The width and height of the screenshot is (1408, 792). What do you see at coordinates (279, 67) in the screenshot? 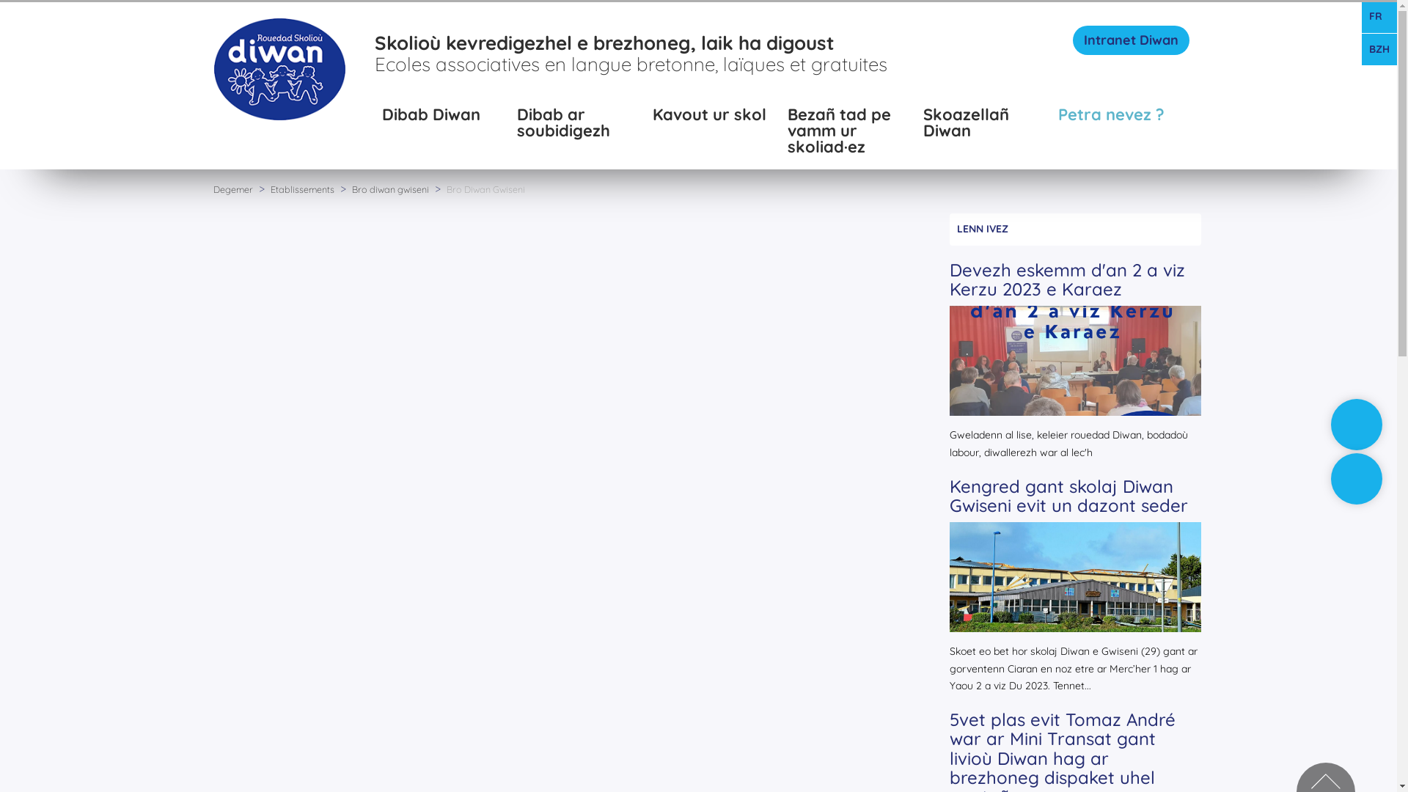
I see `'Retour page d'accueil'` at bounding box center [279, 67].